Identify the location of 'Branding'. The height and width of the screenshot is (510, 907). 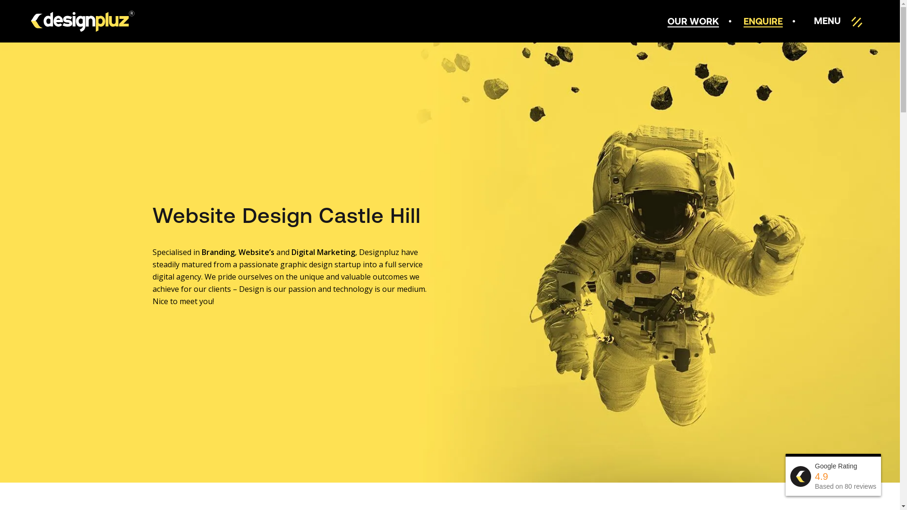
(217, 251).